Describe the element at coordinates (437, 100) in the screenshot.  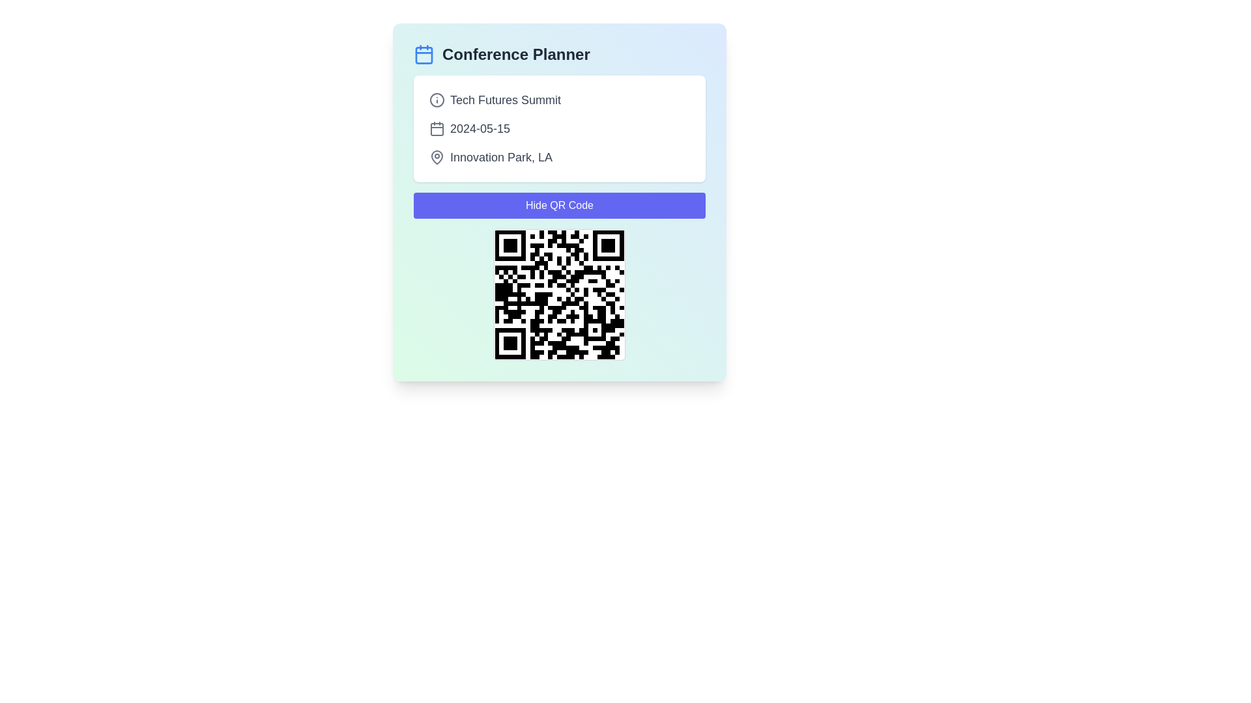
I see `the information icon located at the left-most edge of the content group, preceding the text 'Tech Futures Summit'` at that location.